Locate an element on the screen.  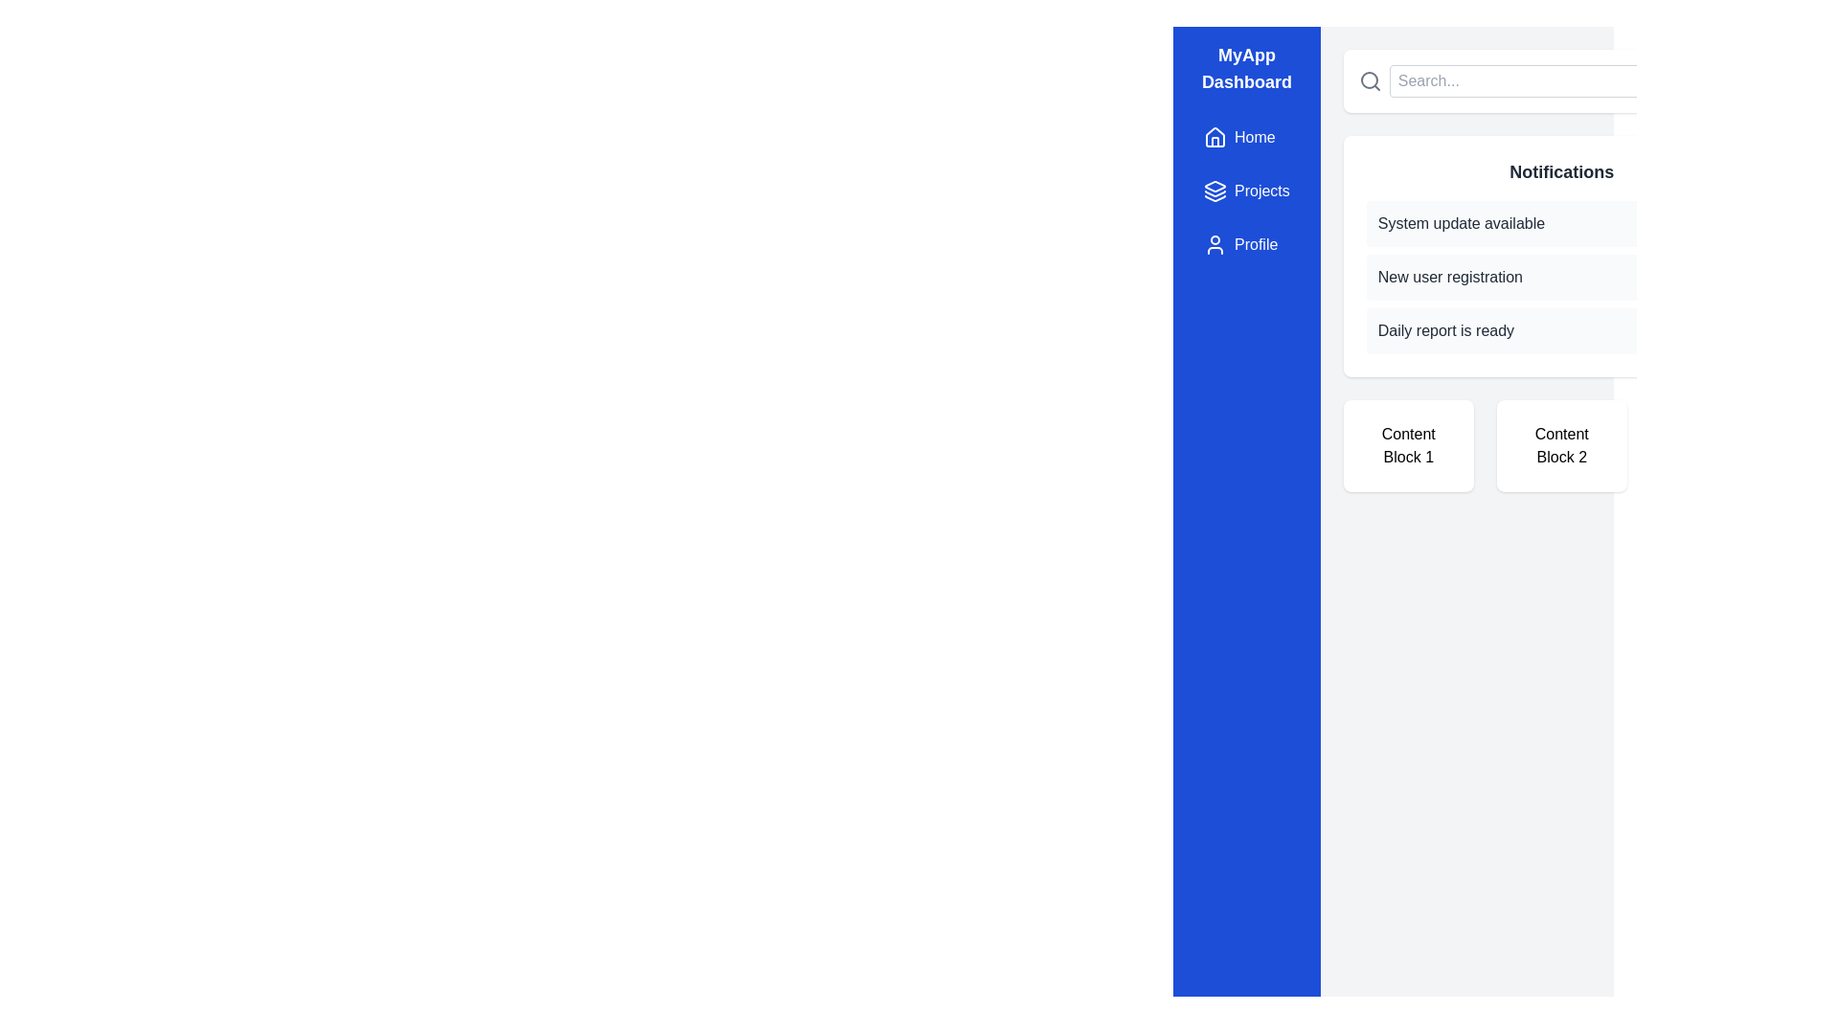
the 'Home' button in the vertical navigation bar, which has a blue background and a house-shaped icon on the left is located at coordinates (1239, 136).